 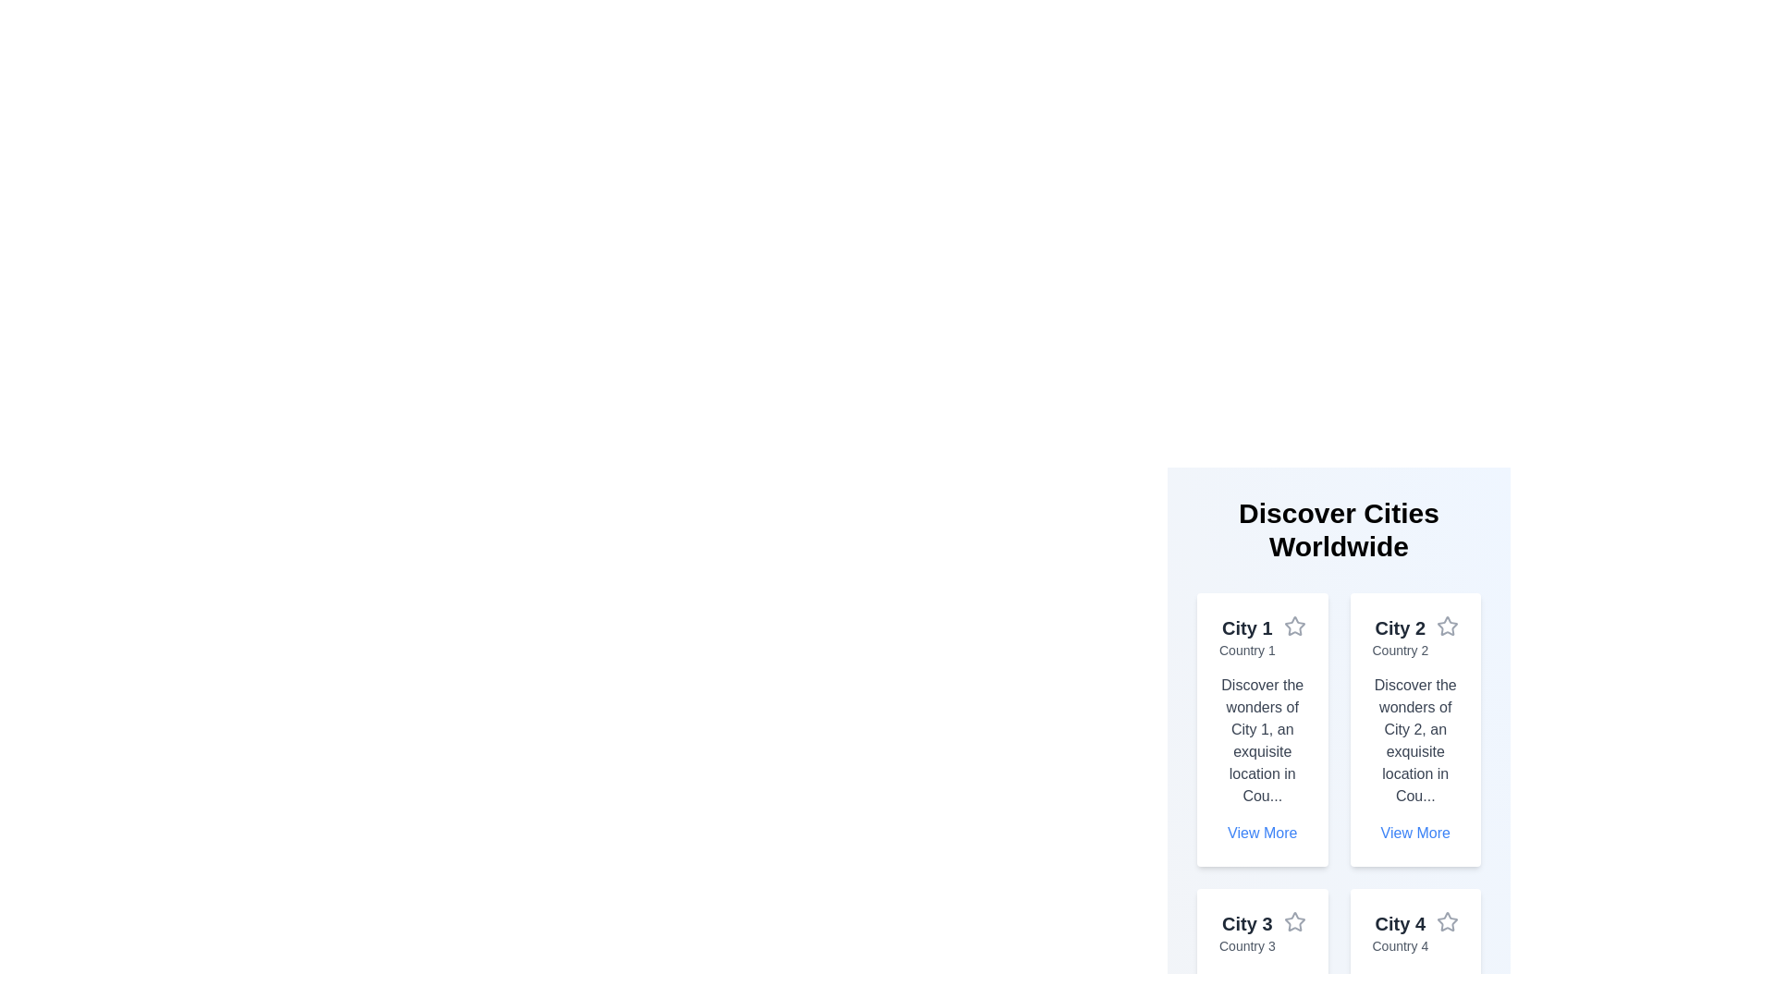 I want to click on the title header text block in the 'Discover Cities Worldwide' section, which provides key information about a location, specifically the city and country names, so click(x=1261, y=637).